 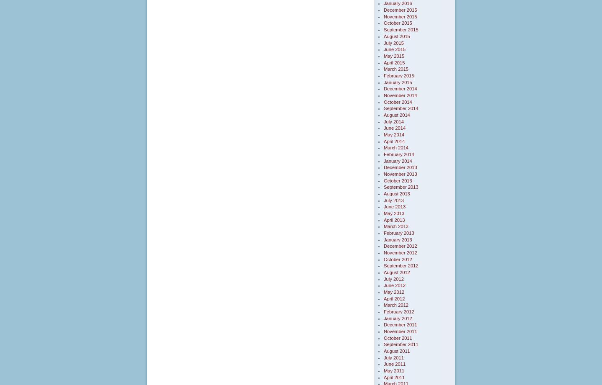 I want to click on 'June 2012', so click(x=395, y=285).